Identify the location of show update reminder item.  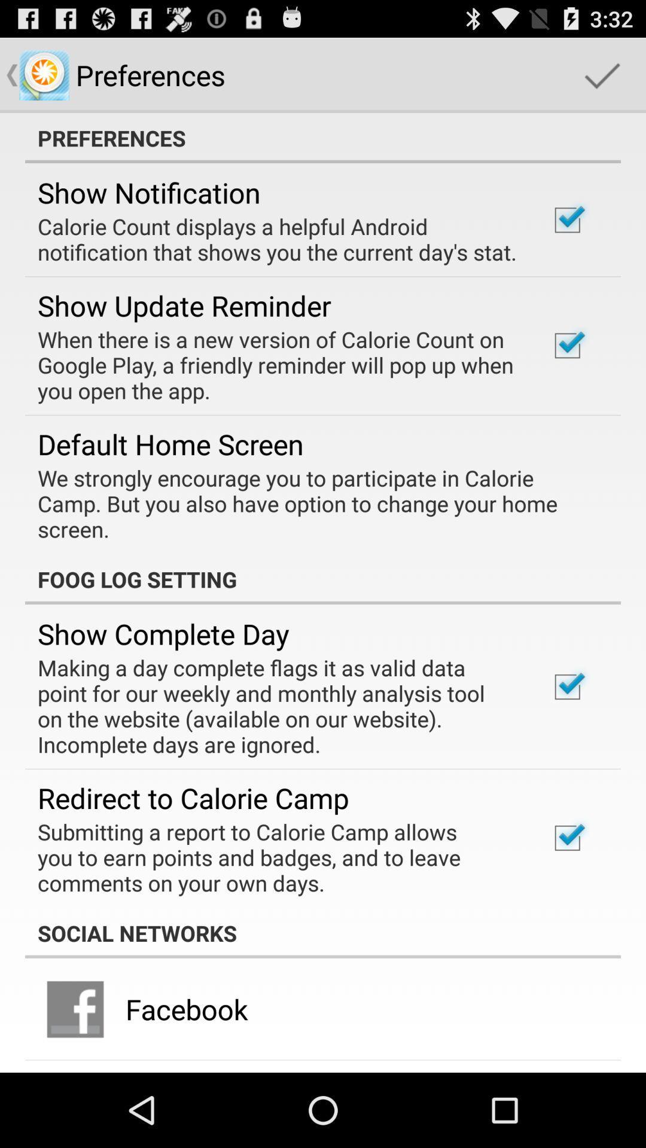
(184, 306).